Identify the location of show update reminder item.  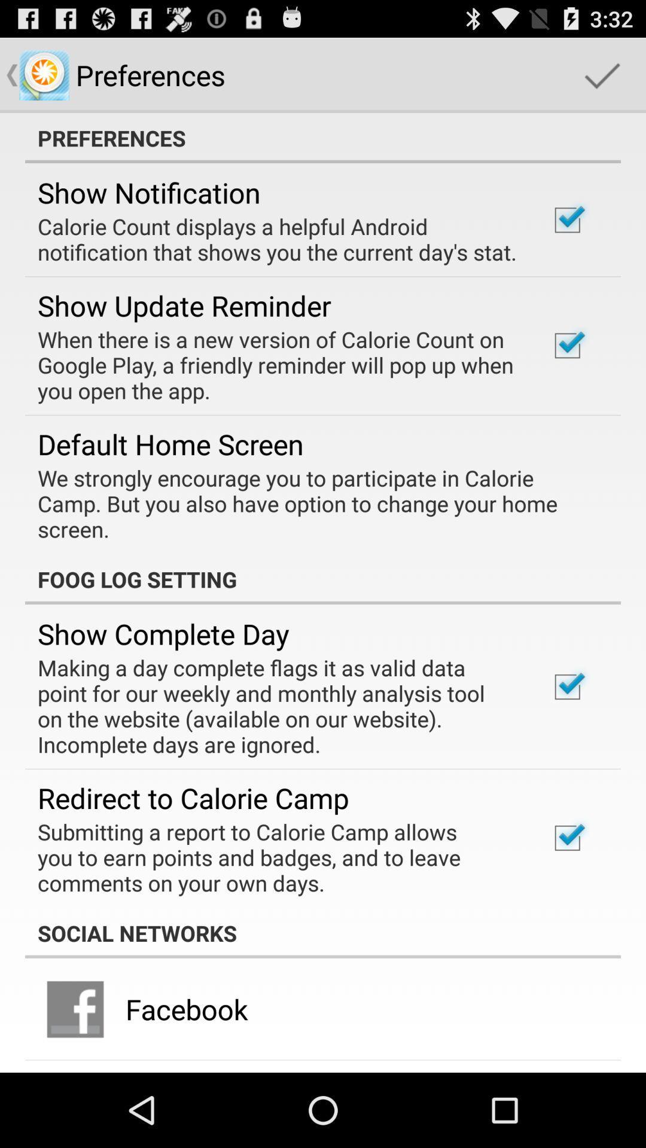
(184, 306).